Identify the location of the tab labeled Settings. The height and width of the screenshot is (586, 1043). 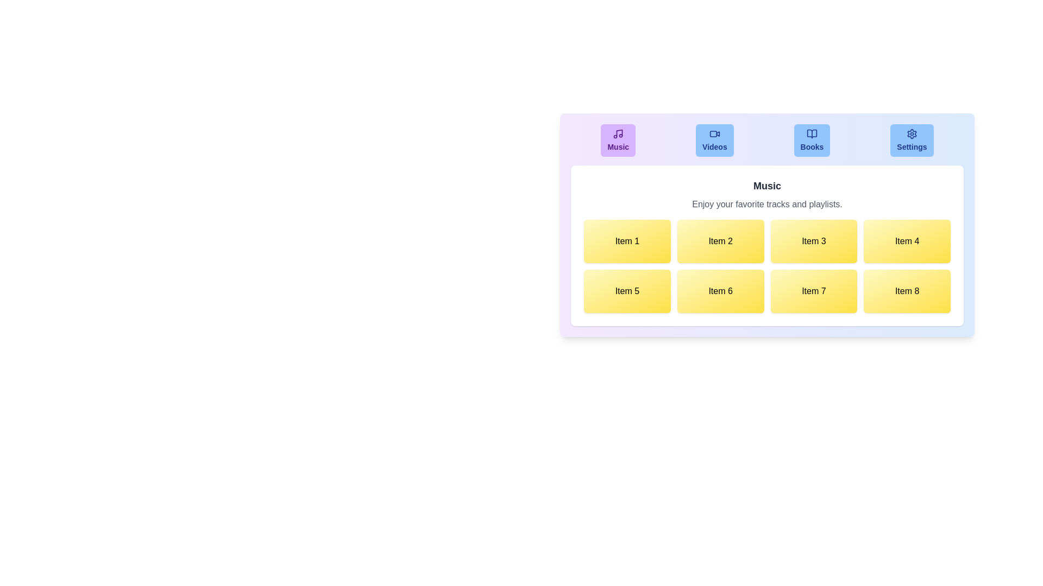
(912, 139).